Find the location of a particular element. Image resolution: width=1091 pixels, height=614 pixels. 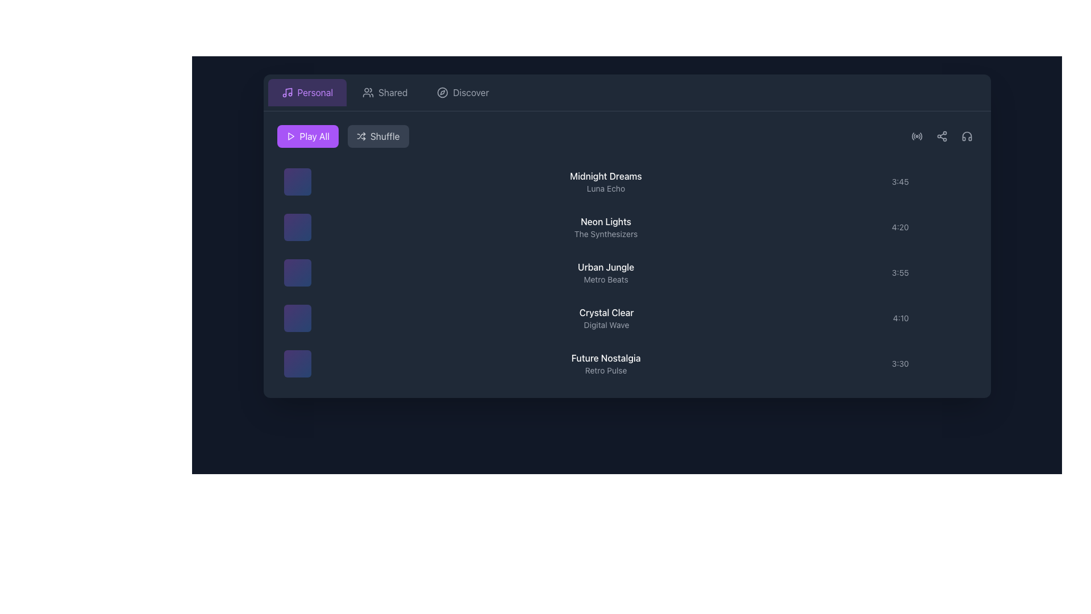

the last song entry in the playlist titled 'Future Nostalgia' is located at coordinates (626, 364).